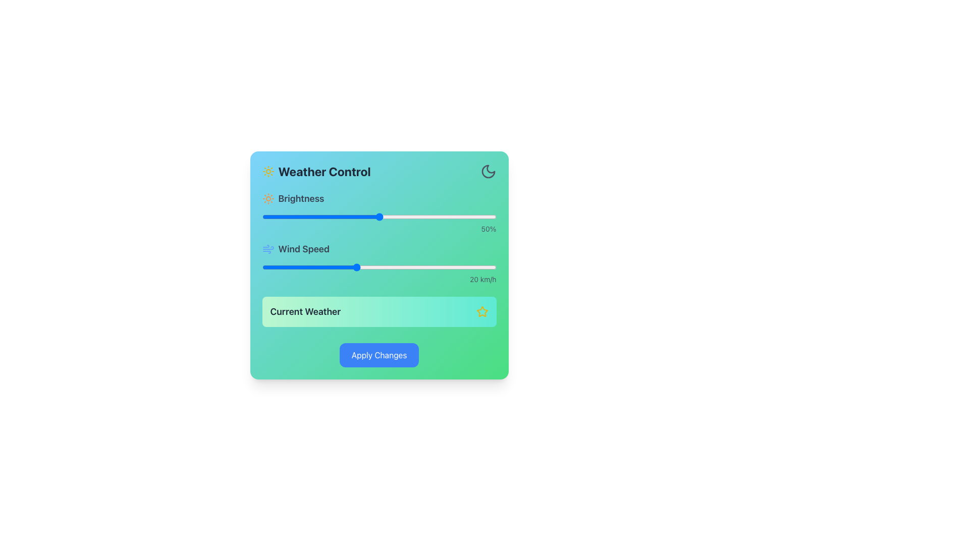  Describe the element at coordinates (379, 229) in the screenshot. I see `the text label displaying '50%' in a small, gray font, located to the far right of the brightness slider within the 'Weather Control' section` at that location.